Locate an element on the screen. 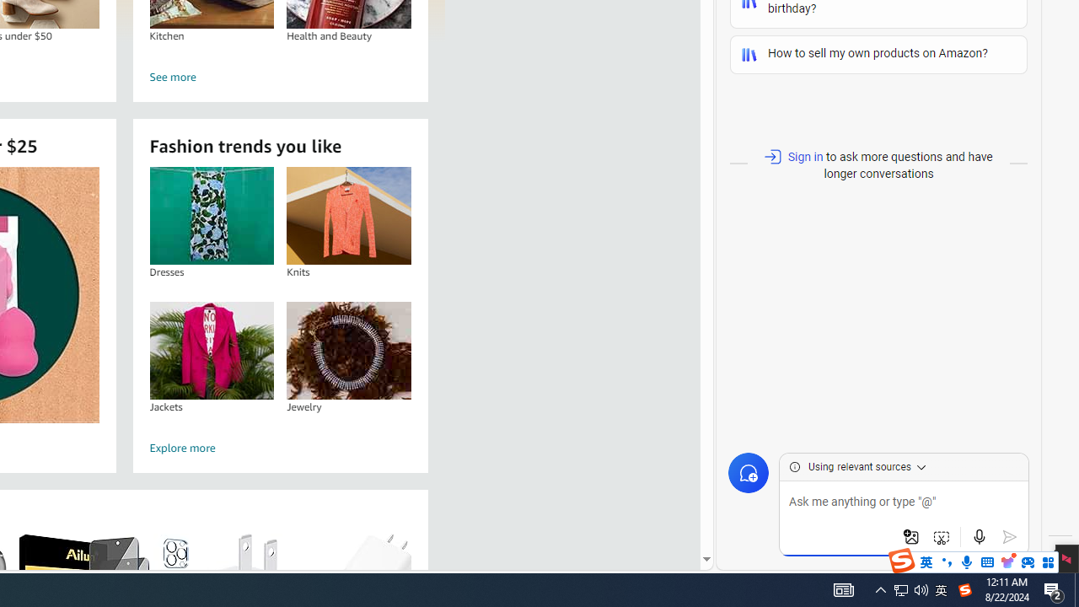 The width and height of the screenshot is (1079, 607). 'Jewelry' is located at coordinates (348, 349).